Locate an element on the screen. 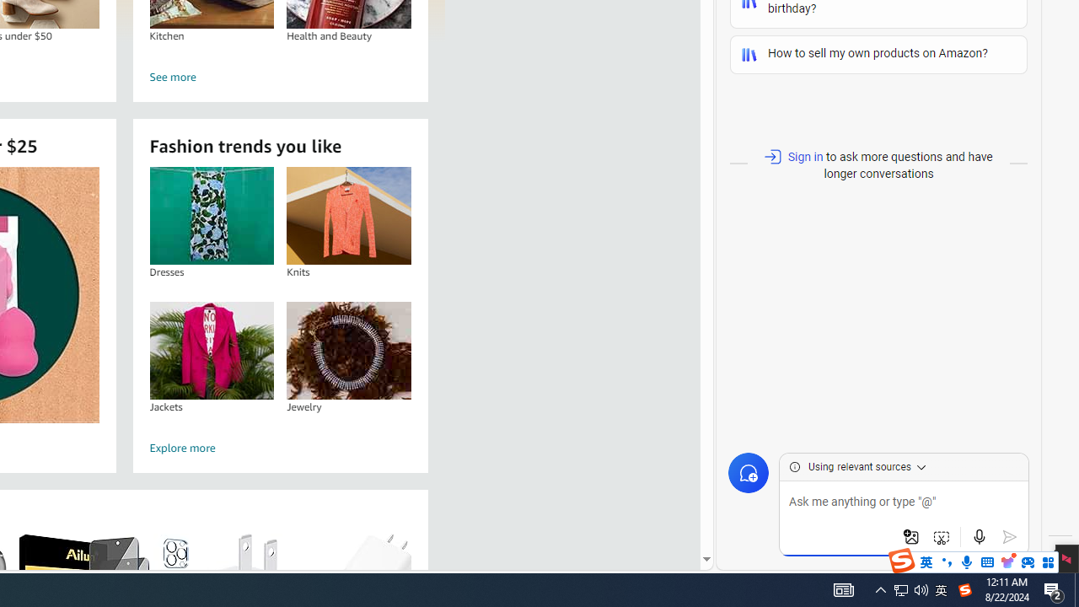 The width and height of the screenshot is (1079, 607). 'Jewelry' is located at coordinates (348, 349).